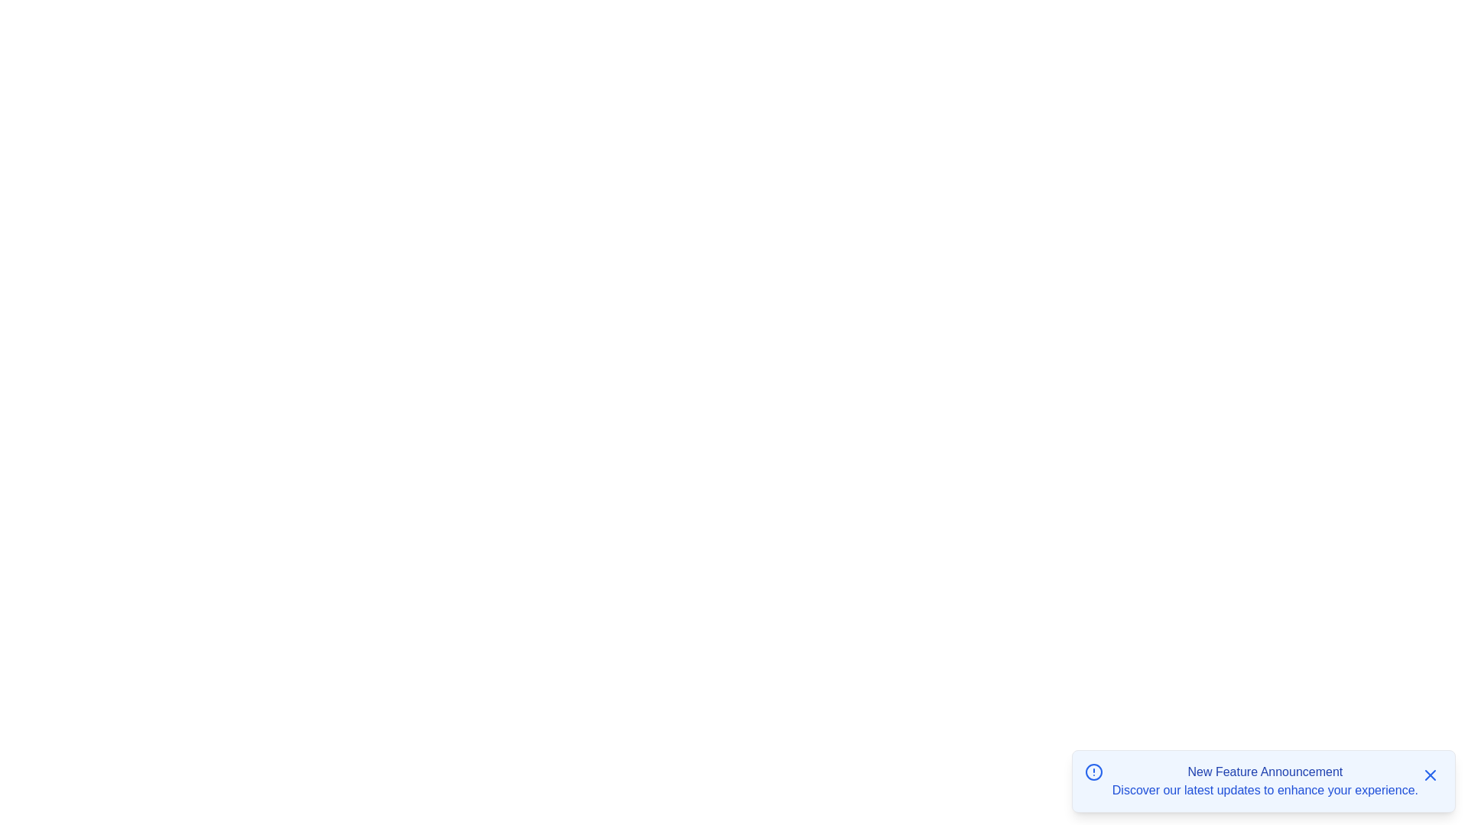 The image size is (1468, 825). What do you see at coordinates (1093, 772) in the screenshot?
I see `the icon displayed alongside the notification to inspect it` at bounding box center [1093, 772].